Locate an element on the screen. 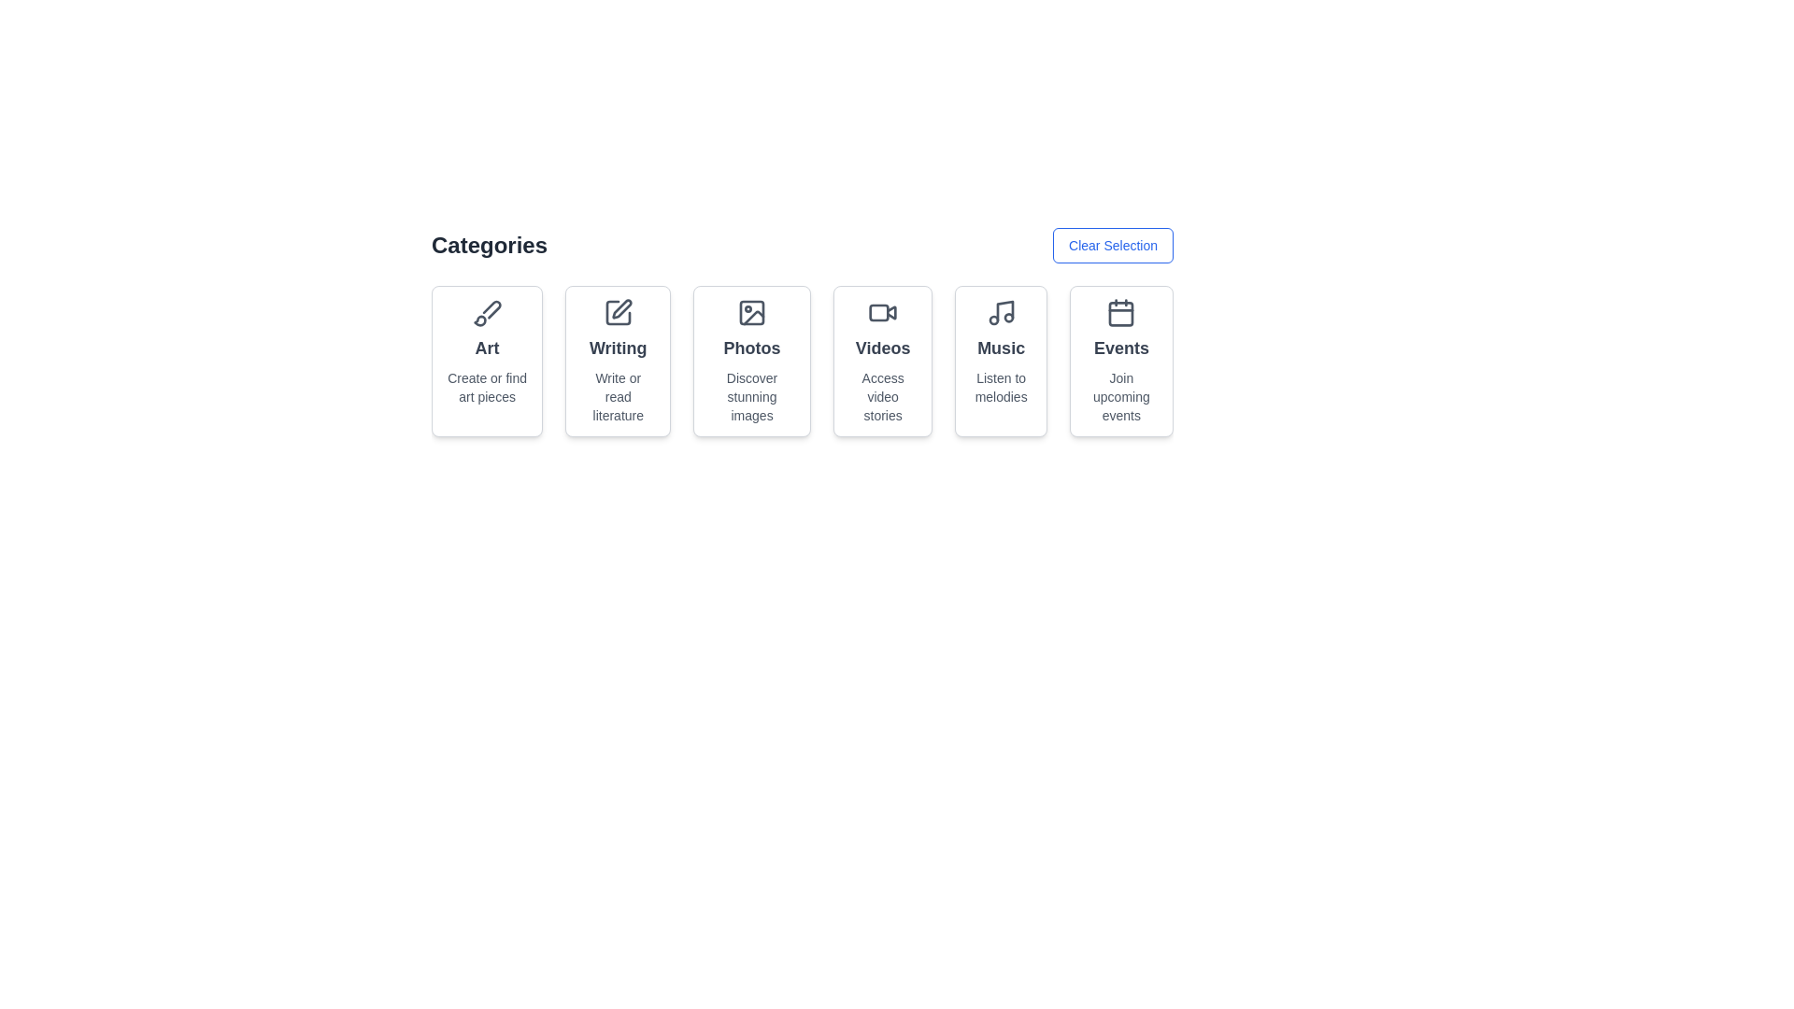 The height and width of the screenshot is (1009, 1794). the 'Photos' card, which is the third item in a horizontal row of cards, positioned between the 'Writing' card on the left and the 'Videos' card on the right is located at coordinates (752, 361).